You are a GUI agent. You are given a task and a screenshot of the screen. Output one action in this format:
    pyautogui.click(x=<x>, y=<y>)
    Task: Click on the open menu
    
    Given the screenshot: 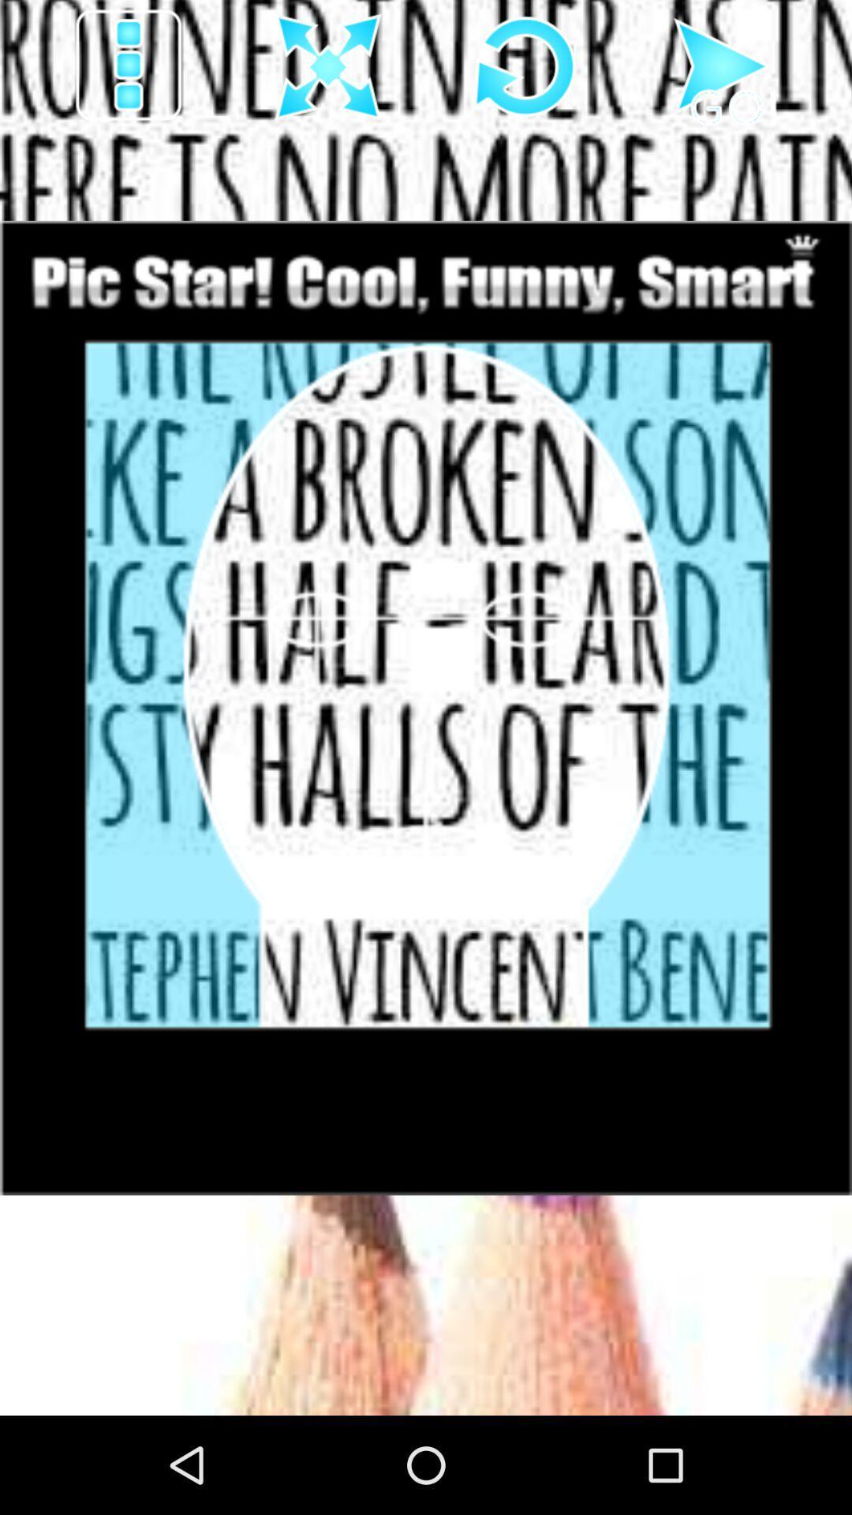 What is the action you would take?
    pyautogui.click(x=129, y=66)
    